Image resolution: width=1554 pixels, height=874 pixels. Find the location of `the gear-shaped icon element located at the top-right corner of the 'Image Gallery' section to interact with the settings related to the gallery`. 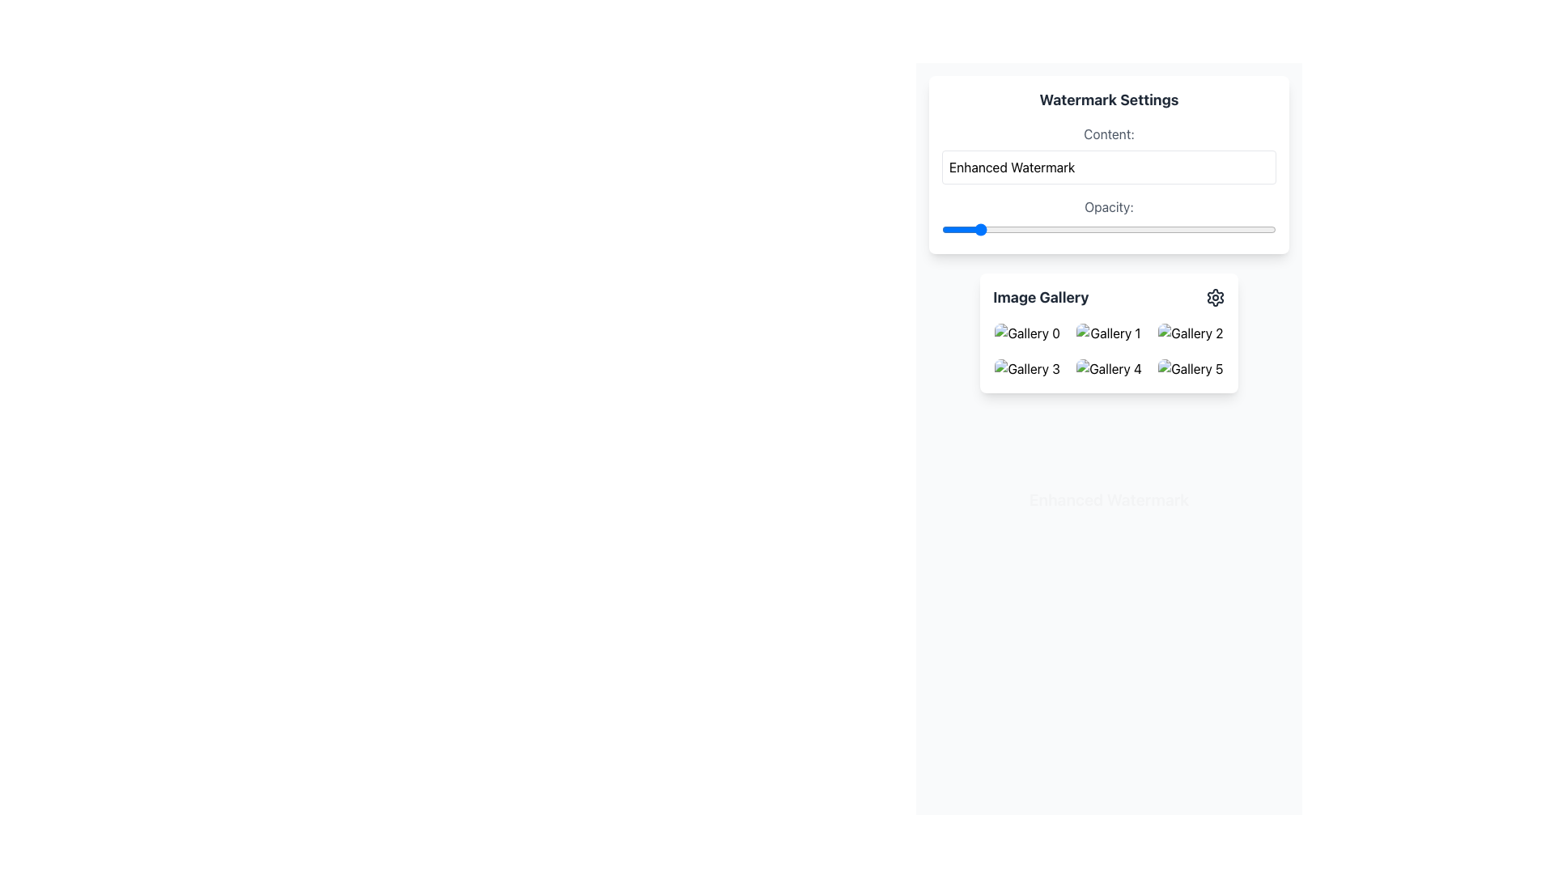

the gear-shaped icon element located at the top-right corner of the 'Image Gallery' section to interact with the settings related to the gallery is located at coordinates (1215, 297).